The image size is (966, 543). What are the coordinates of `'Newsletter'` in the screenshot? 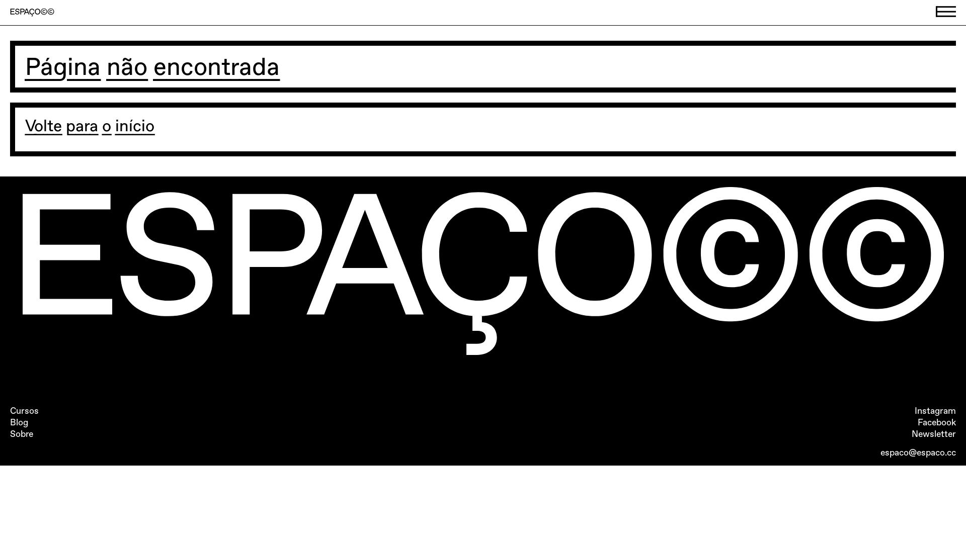 It's located at (933, 433).